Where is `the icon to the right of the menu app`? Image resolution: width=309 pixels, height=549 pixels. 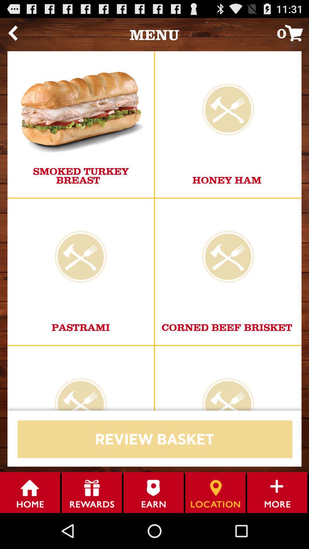
the icon to the right of the menu app is located at coordinates (293, 33).